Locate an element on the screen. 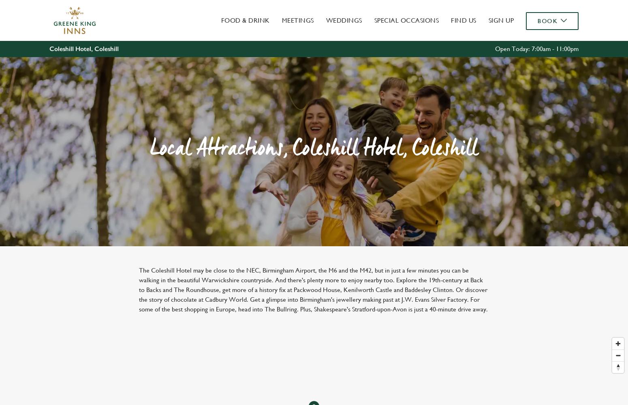 This screenshot has height=405, width=628. 'Marketing' is located at coordinates (347, 74).